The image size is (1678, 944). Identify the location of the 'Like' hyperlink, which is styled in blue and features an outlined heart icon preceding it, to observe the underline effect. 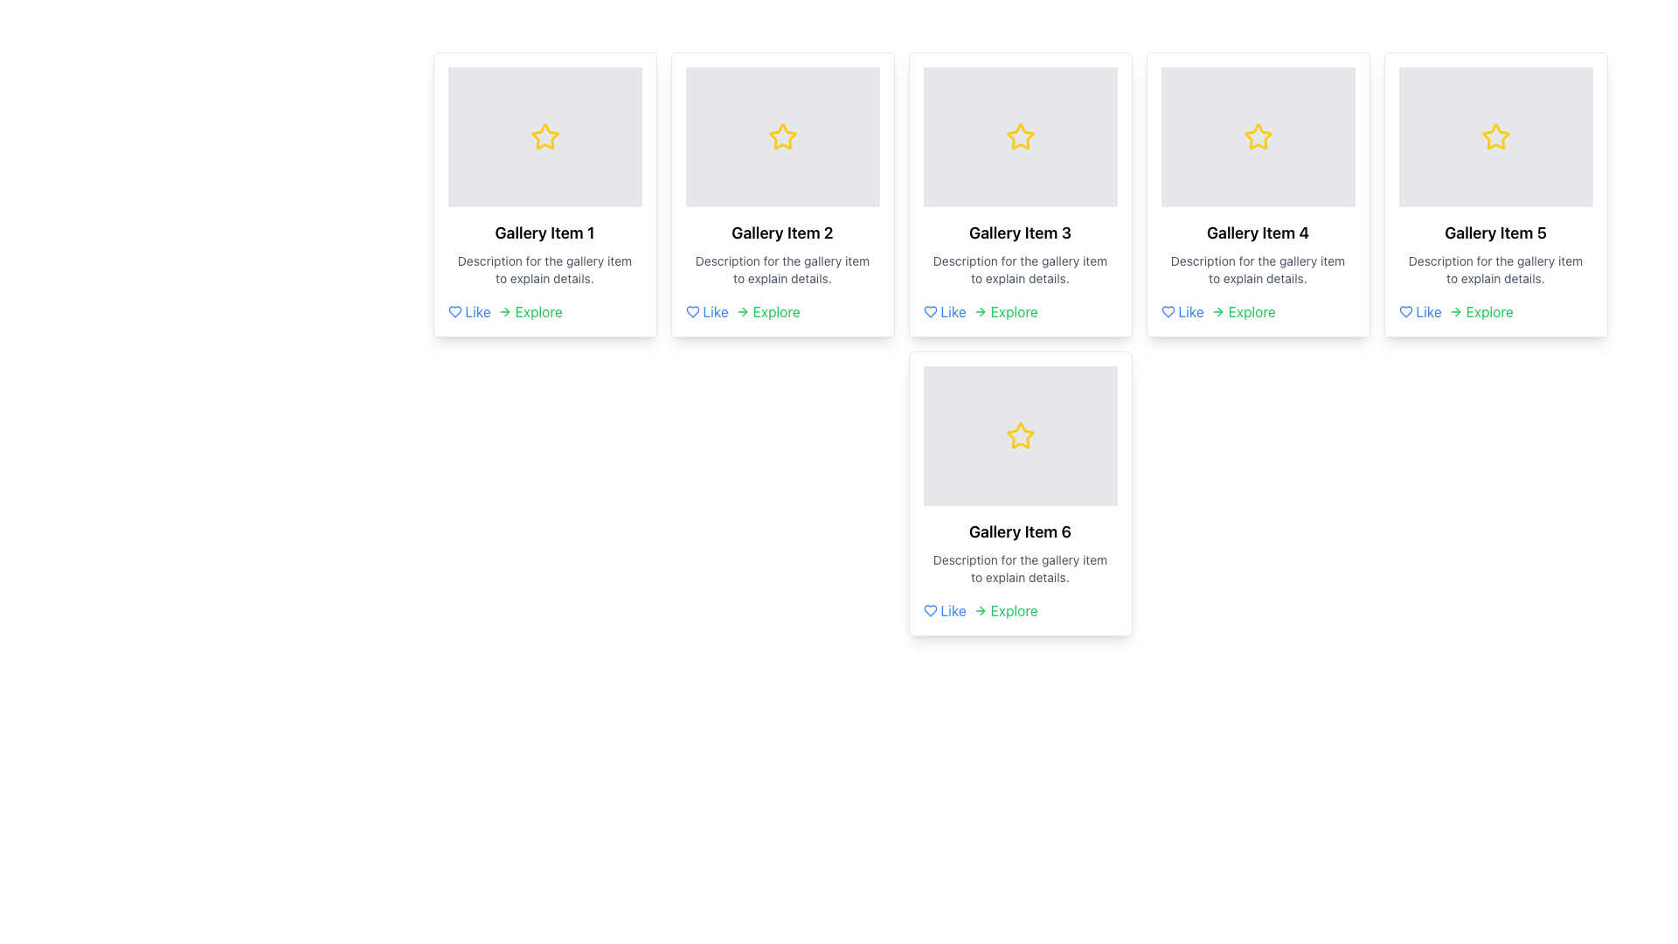
(1420, 311).